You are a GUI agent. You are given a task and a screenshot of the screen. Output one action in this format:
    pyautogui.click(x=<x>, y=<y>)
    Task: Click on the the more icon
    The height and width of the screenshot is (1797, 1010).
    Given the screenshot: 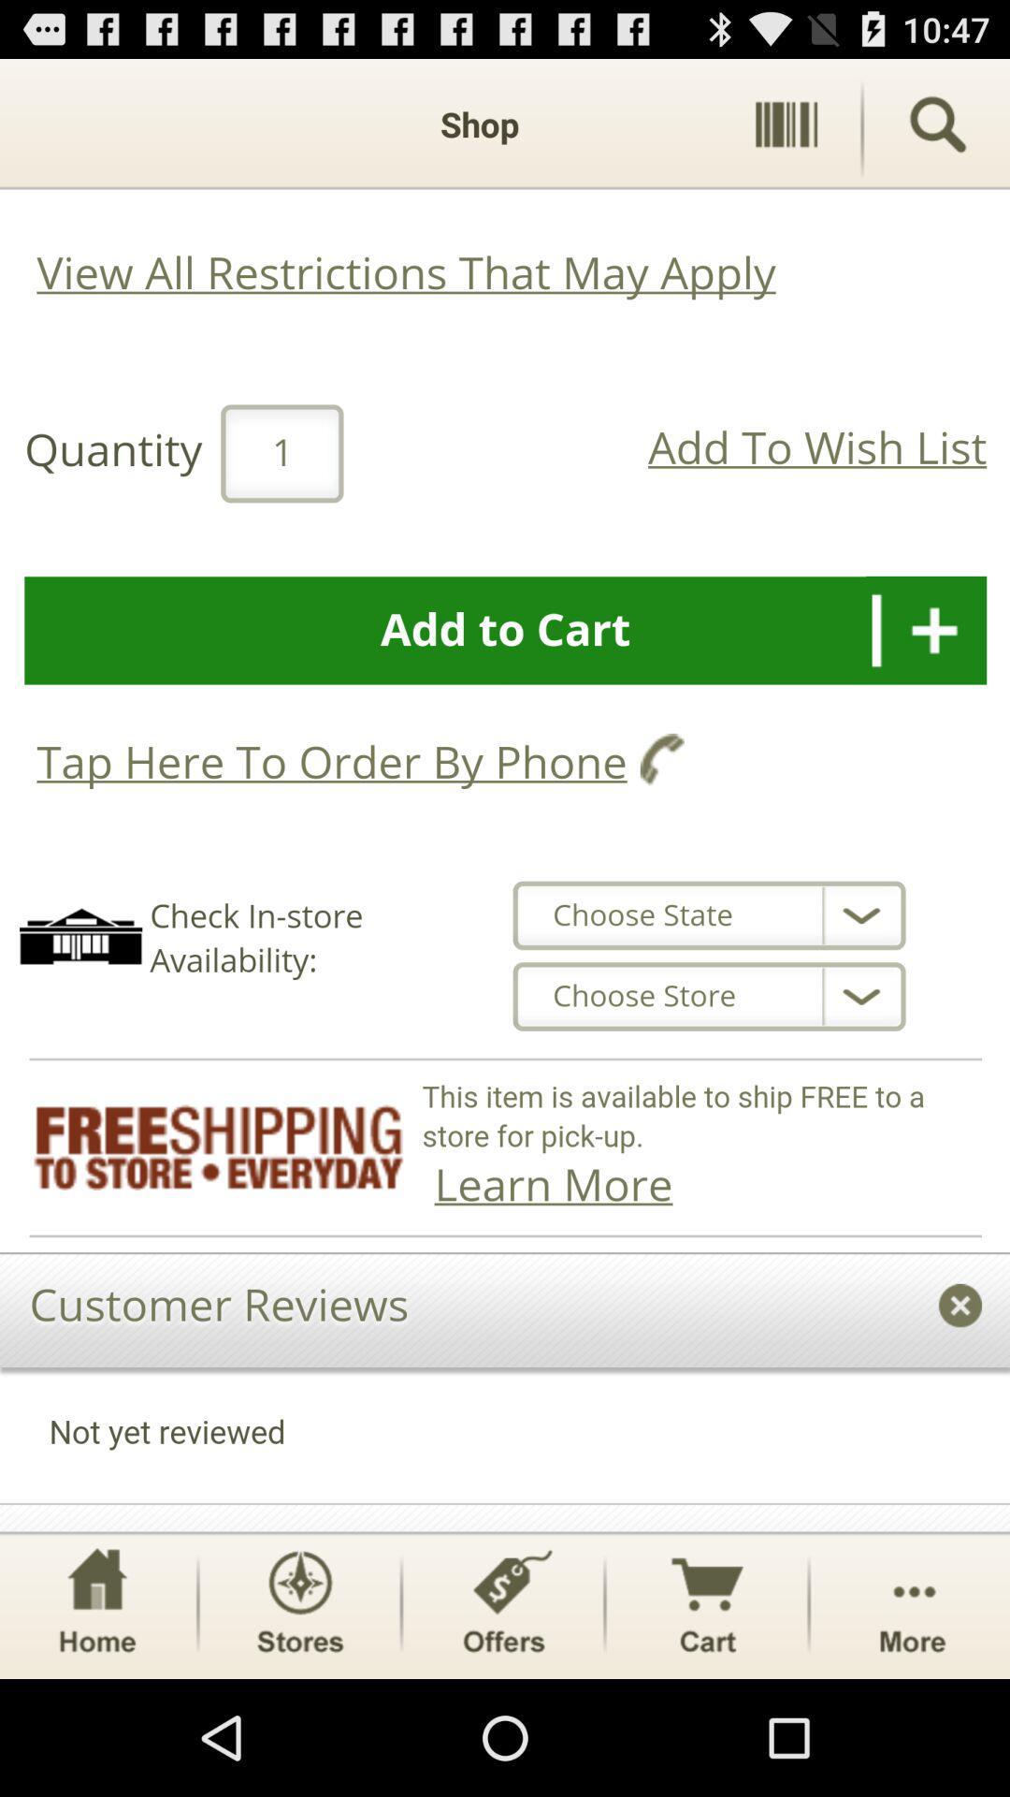 What is the action you would take?
    pyautogui.click(x=911, y=1717)
    